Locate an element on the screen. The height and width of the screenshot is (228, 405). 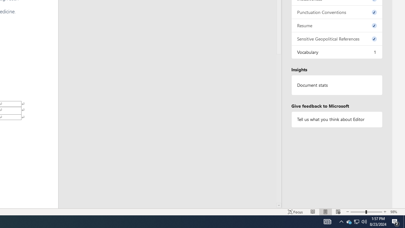
'Document statistics' is located at coordinates (336, 85).